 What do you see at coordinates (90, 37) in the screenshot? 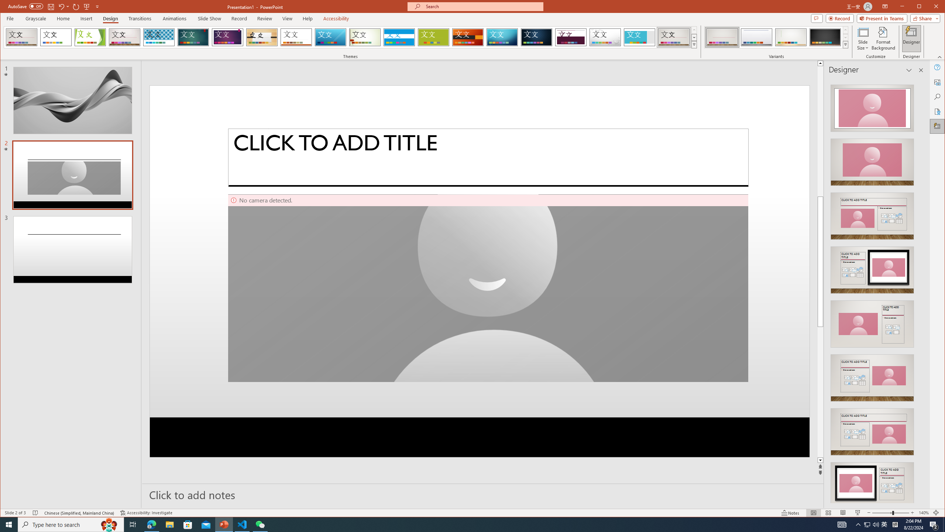
I see `'Facet'` at bounding box center [90, 37].